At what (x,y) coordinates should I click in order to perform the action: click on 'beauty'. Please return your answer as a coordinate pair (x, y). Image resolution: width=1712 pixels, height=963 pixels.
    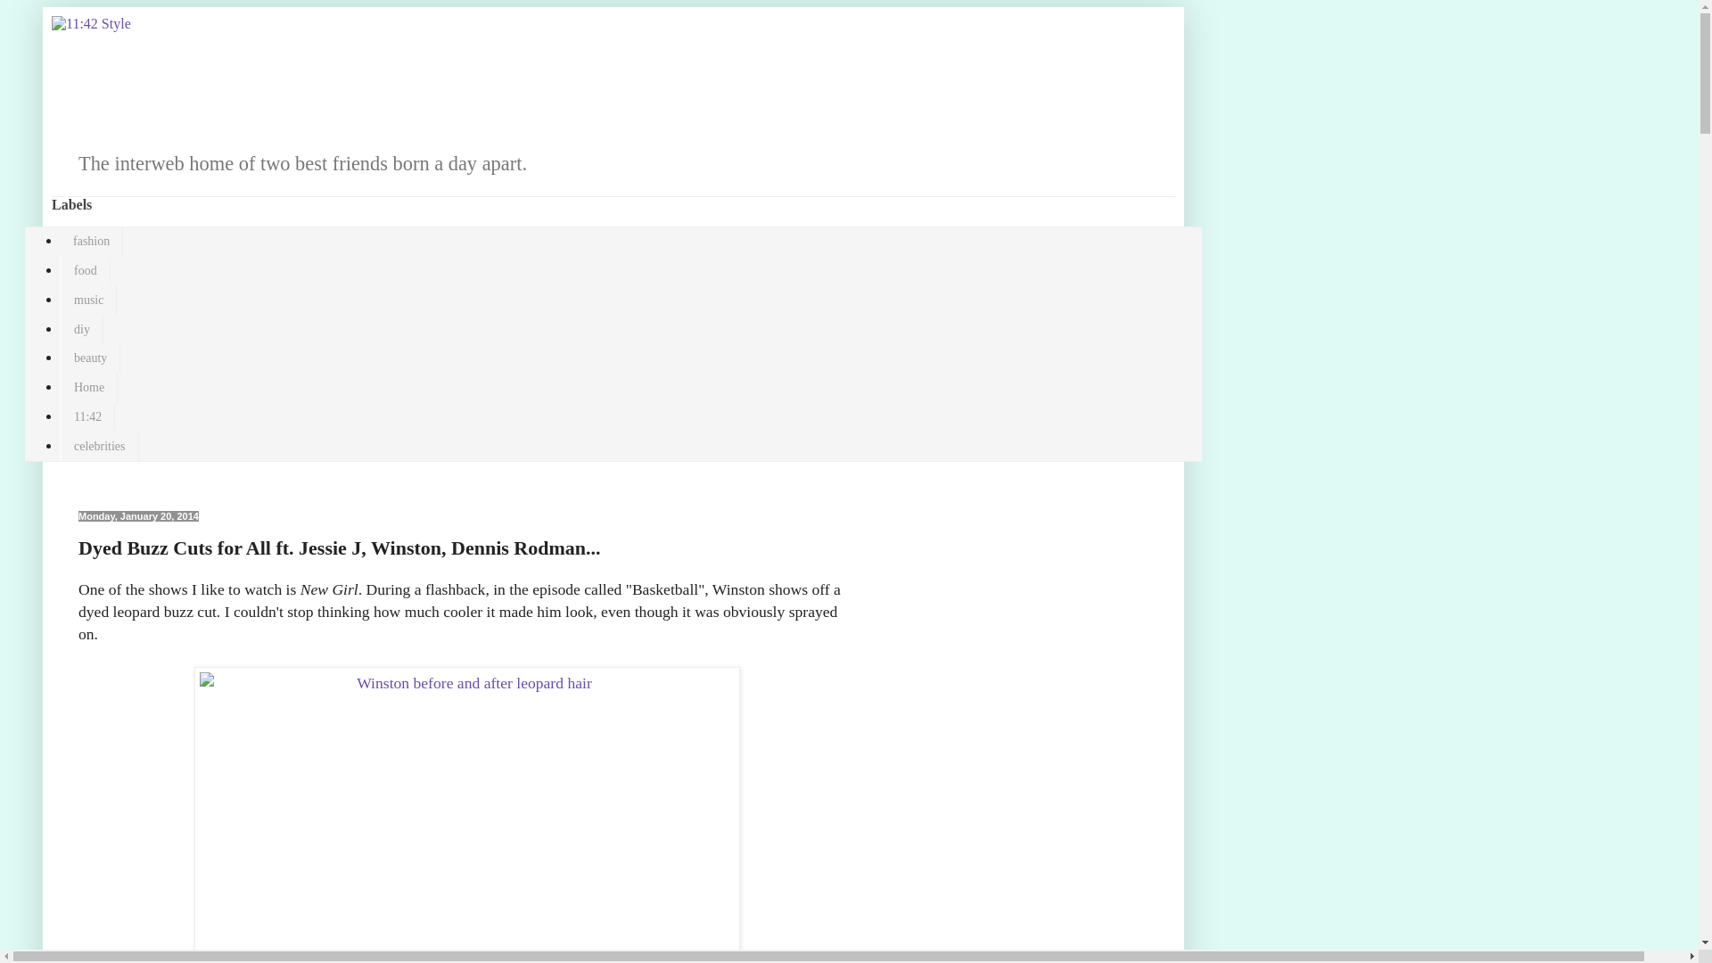
    Looking at the image, I should click on (89, 358).